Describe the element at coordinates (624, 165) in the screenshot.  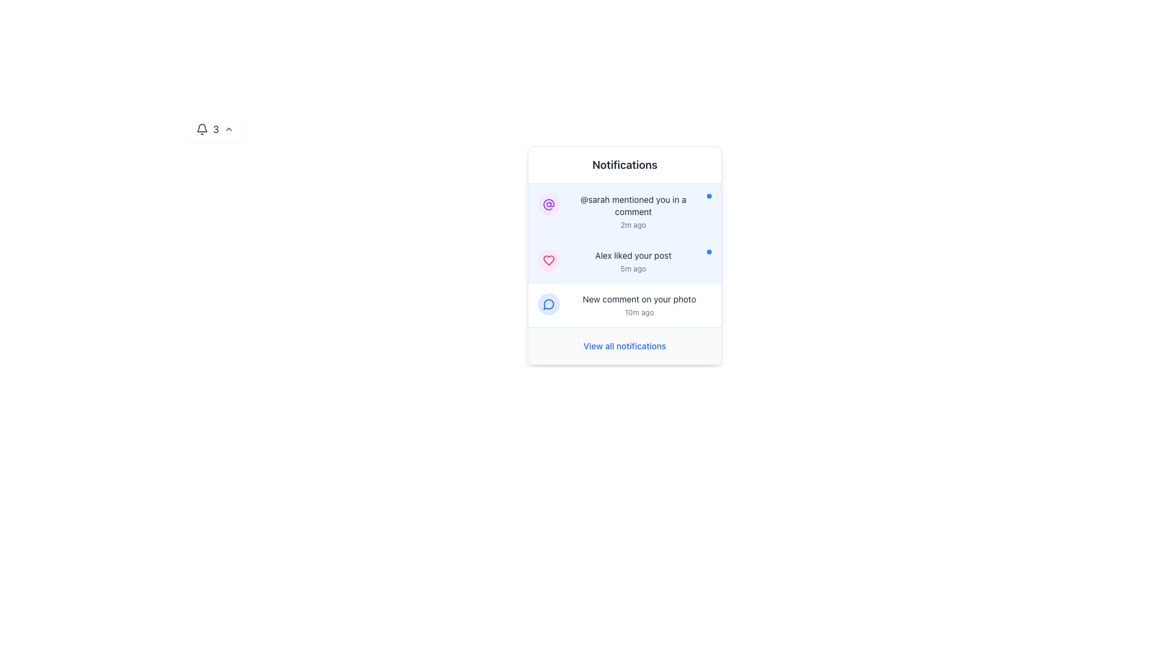
I see `text displayed in the 'Notifications' header, which is a bold and dark font at the top of the notification panel` at that location.